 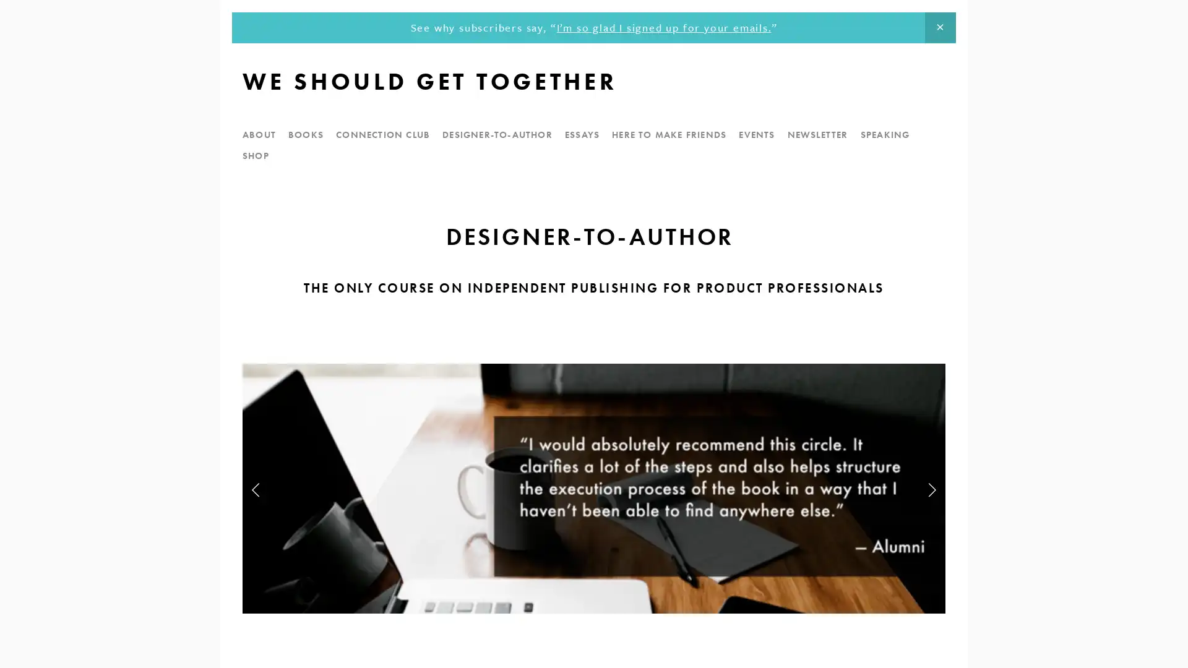 I want to click on Next Slide, so click(x=932, y=488).